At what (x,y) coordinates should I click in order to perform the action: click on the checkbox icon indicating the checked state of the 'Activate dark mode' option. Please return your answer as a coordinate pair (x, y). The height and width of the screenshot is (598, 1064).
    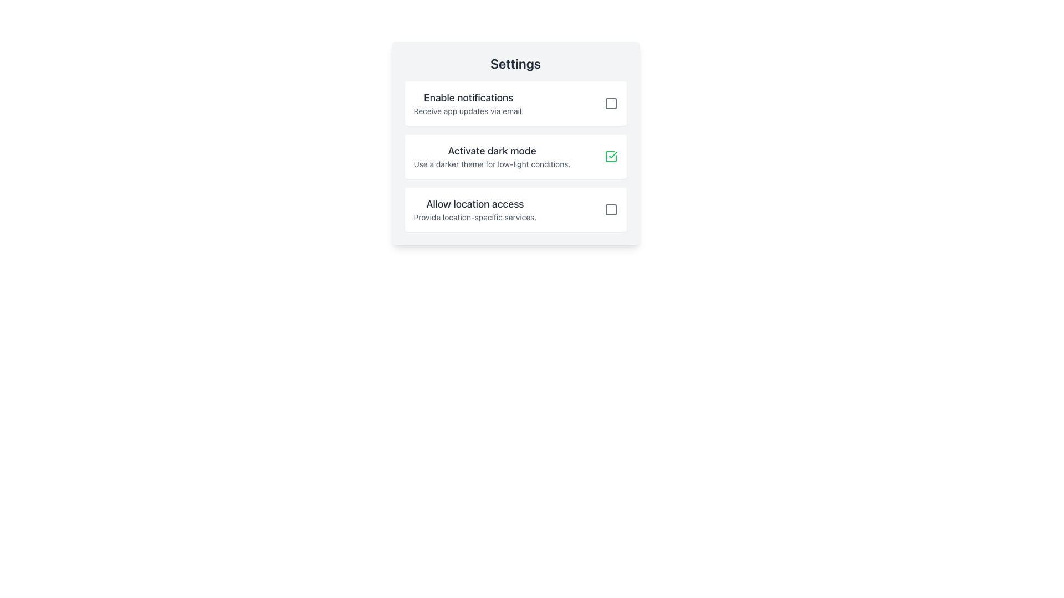
    Looking at the image, I should click on (610, 156).